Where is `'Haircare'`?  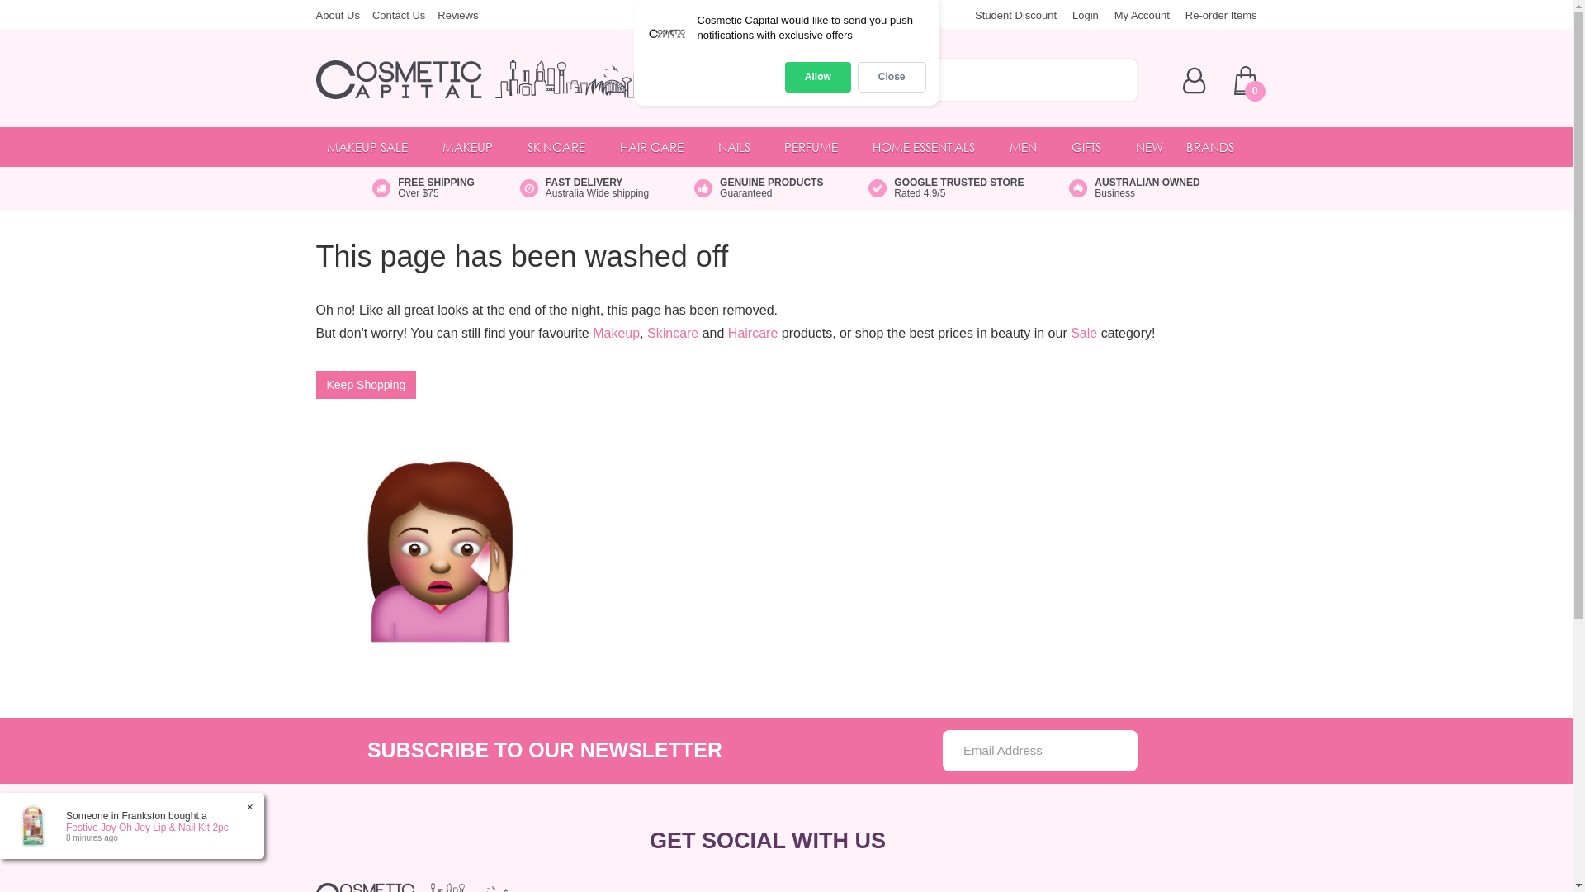
'Haircare' is located at coordinates (727, 333).